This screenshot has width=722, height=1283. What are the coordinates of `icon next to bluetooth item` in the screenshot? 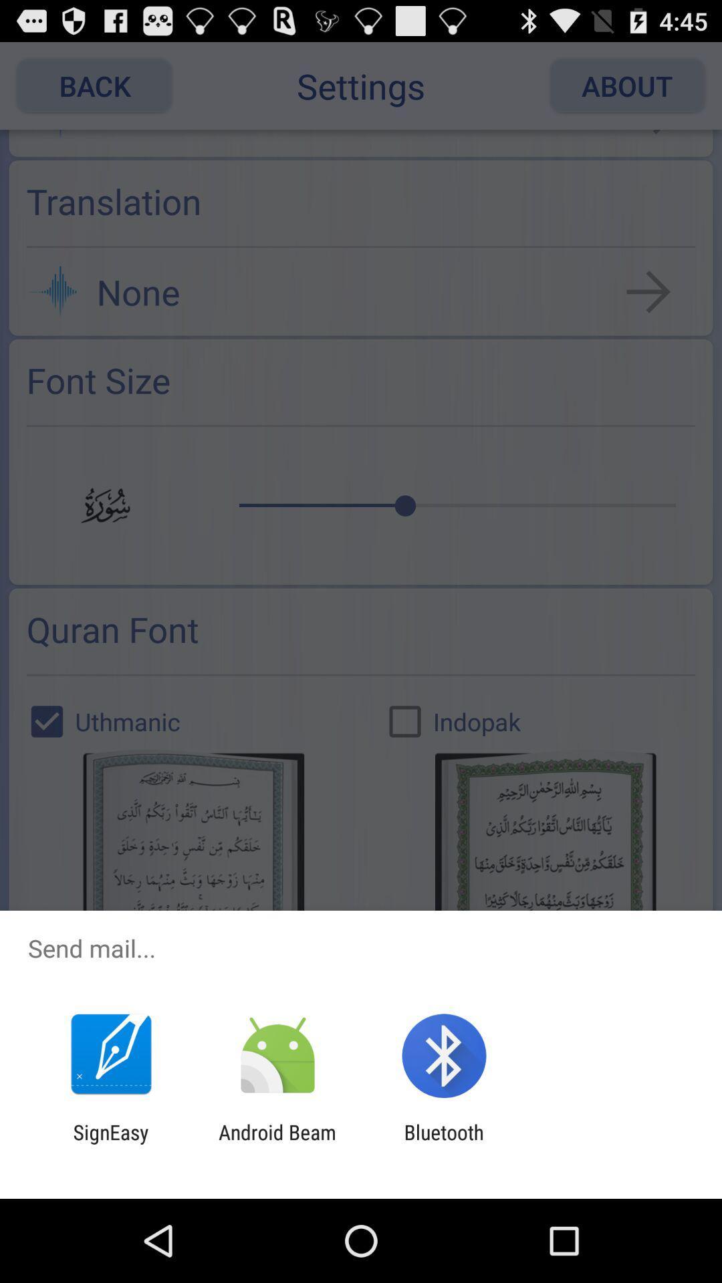 It's located at (277, 1143).